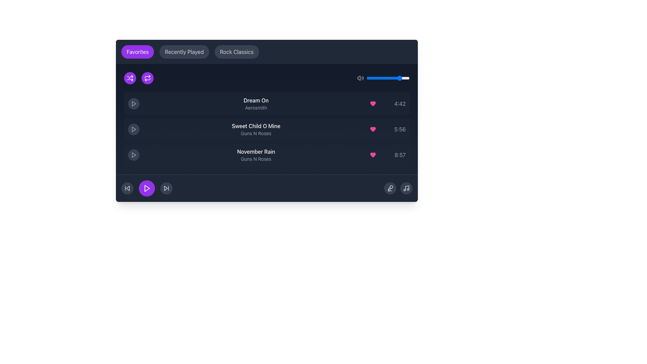  Describe the element at coordinates (376, 78) in the screenshot. I see `the volume` at that location.